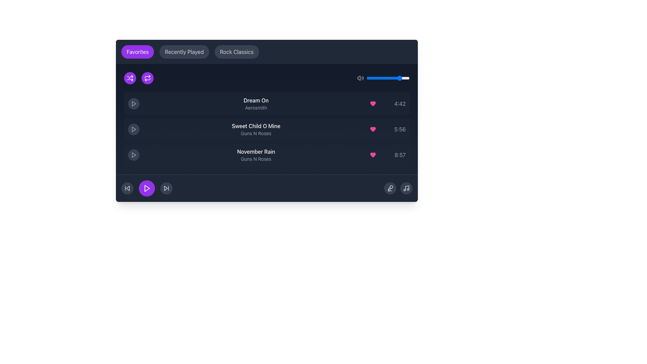  Describe the element at coordinates (376, 78) in the screenshot. I see `the volume` at that location.